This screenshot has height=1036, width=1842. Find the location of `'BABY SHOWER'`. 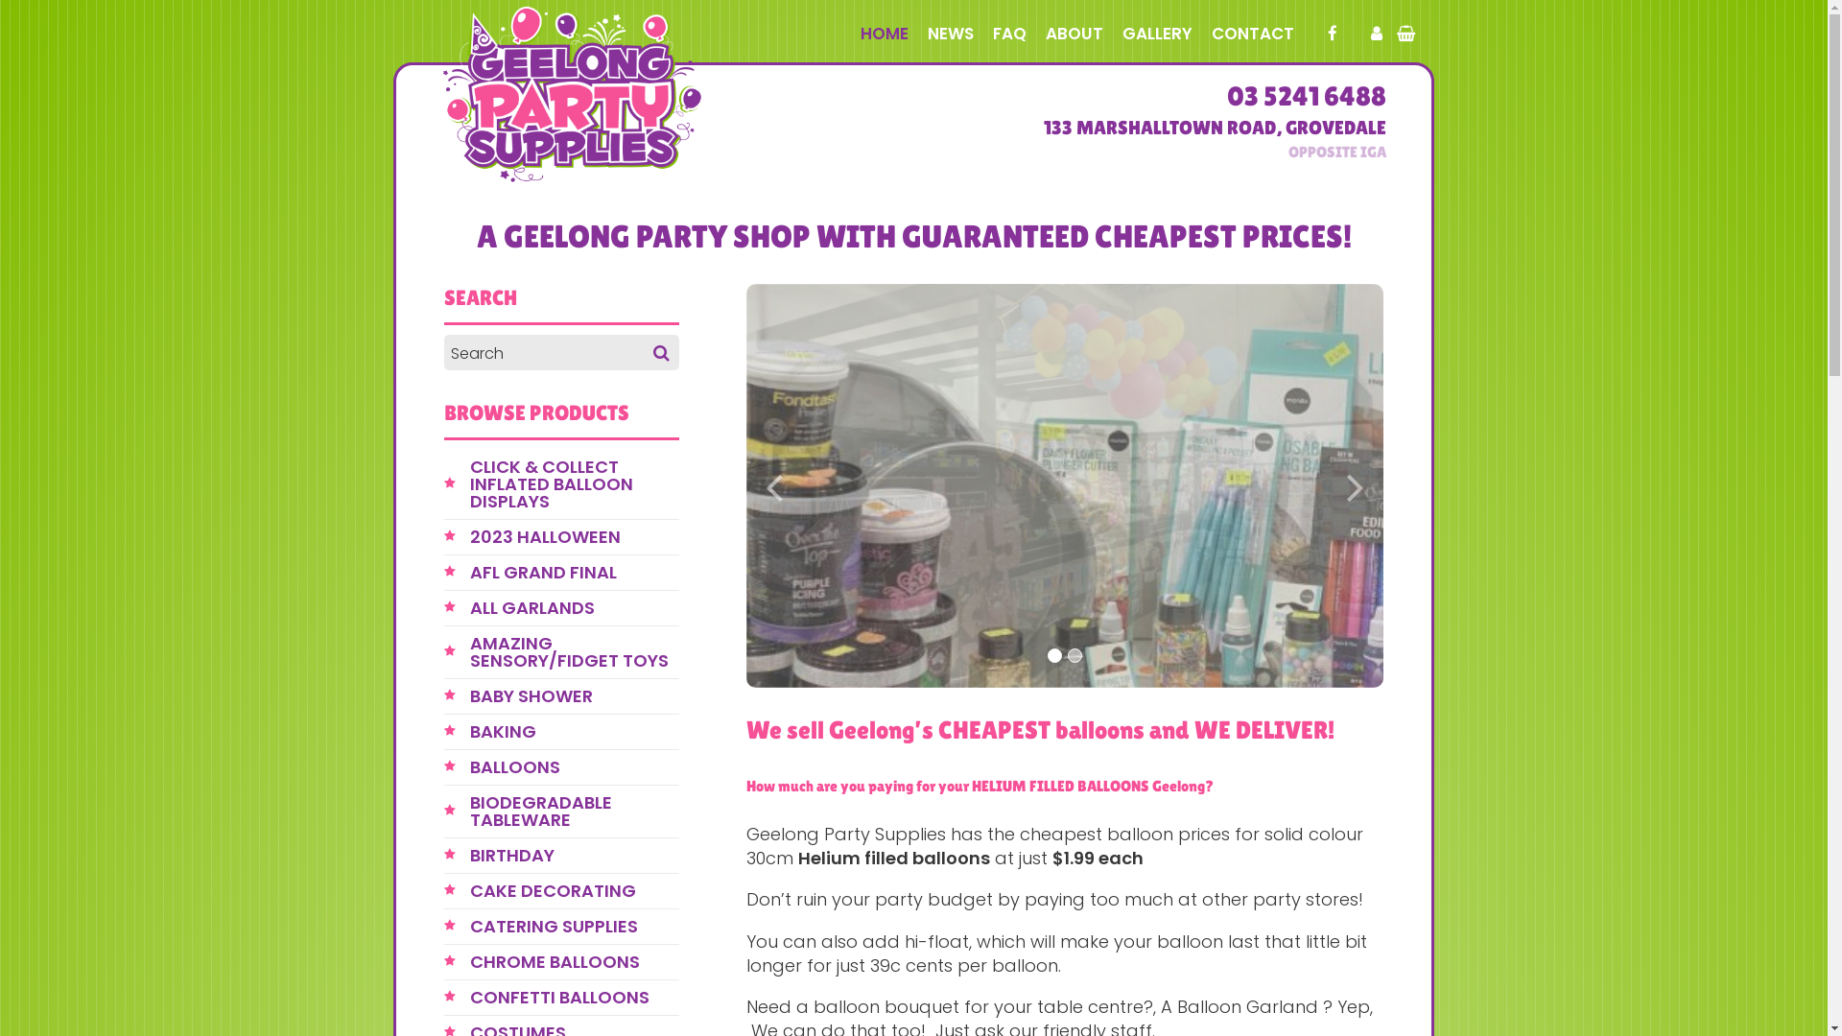

'BABY SHOWER' is located at coordinates (469, 695).